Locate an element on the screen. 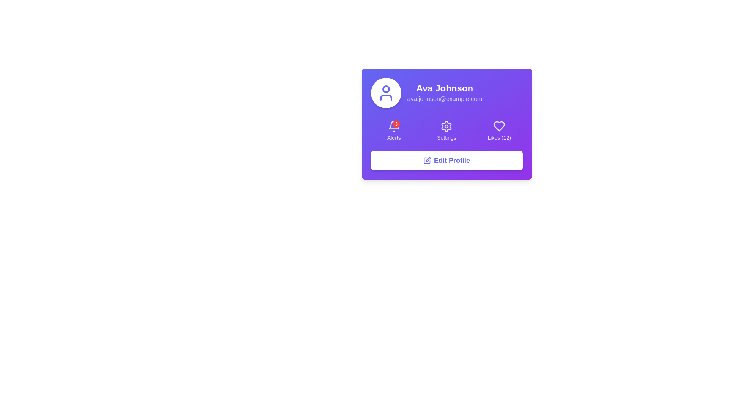  the pen icon within the 'Edit Profile' button, which is white with rounded corners and located at the bottom section of a purple card UI is located at coordinates (427, 160).